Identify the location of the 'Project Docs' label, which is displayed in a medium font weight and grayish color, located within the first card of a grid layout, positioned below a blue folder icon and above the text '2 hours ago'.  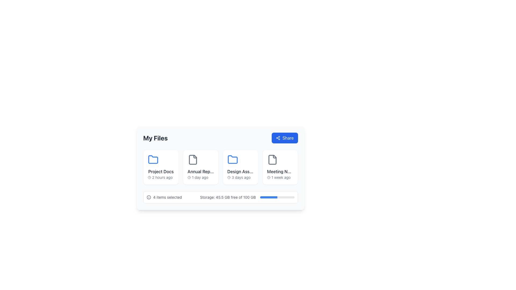
(161, 172).